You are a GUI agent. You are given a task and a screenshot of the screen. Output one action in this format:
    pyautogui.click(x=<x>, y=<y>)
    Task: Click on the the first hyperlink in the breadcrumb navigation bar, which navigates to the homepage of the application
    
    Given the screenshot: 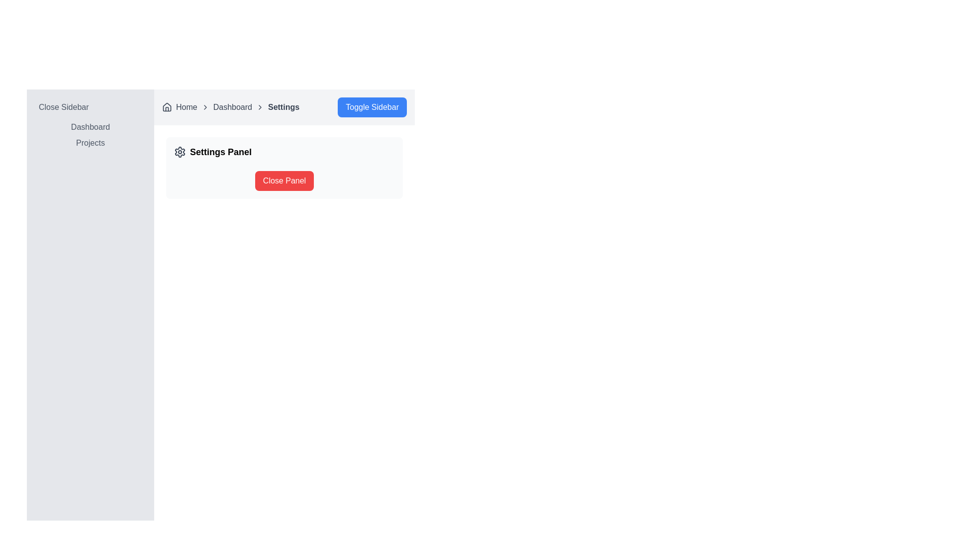 What is the action you would take?
    pyautogui.click(x=187, y=107)
    